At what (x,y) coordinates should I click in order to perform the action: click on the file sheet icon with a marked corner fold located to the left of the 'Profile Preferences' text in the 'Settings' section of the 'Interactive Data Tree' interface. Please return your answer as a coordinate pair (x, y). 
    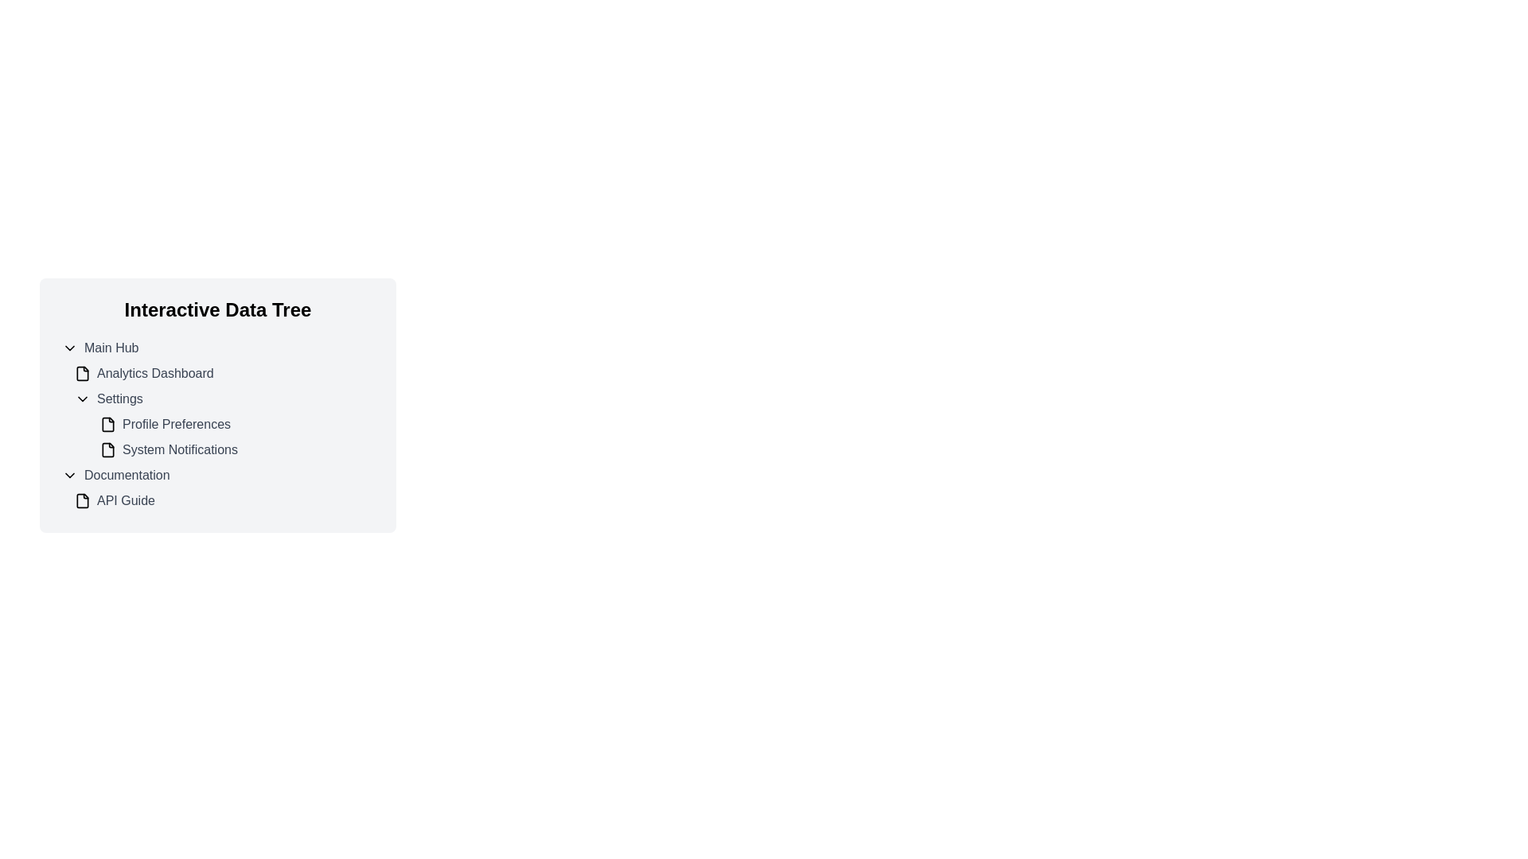
    Looking at the image, I should click on (107, 423).